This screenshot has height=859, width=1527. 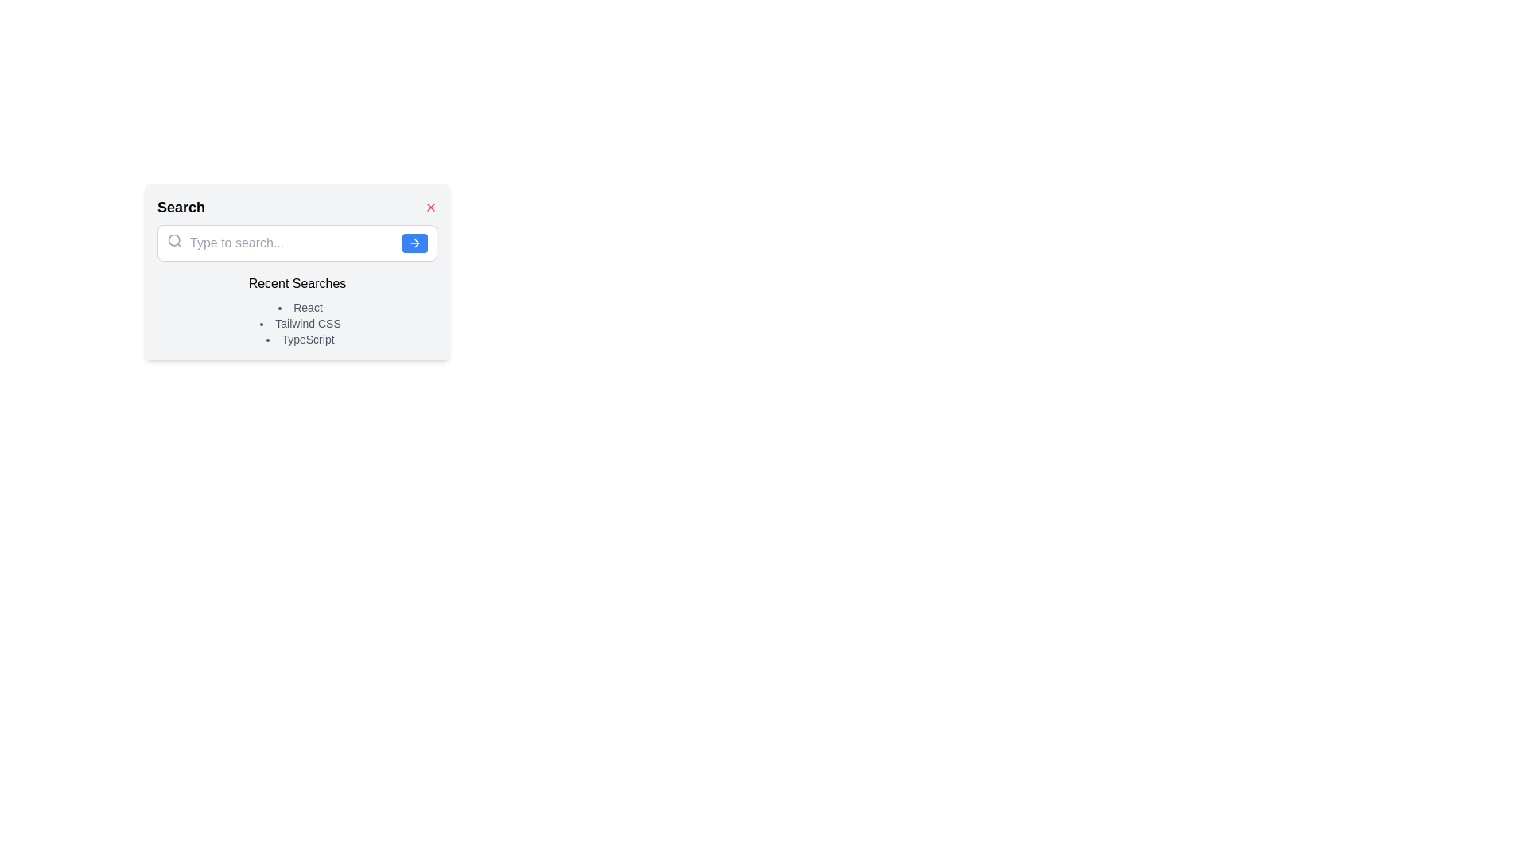 I want to click on the search bar icon that visually indicates the input field's purpose, positioned at the far left of the search input field, so click(x=175, y=241).